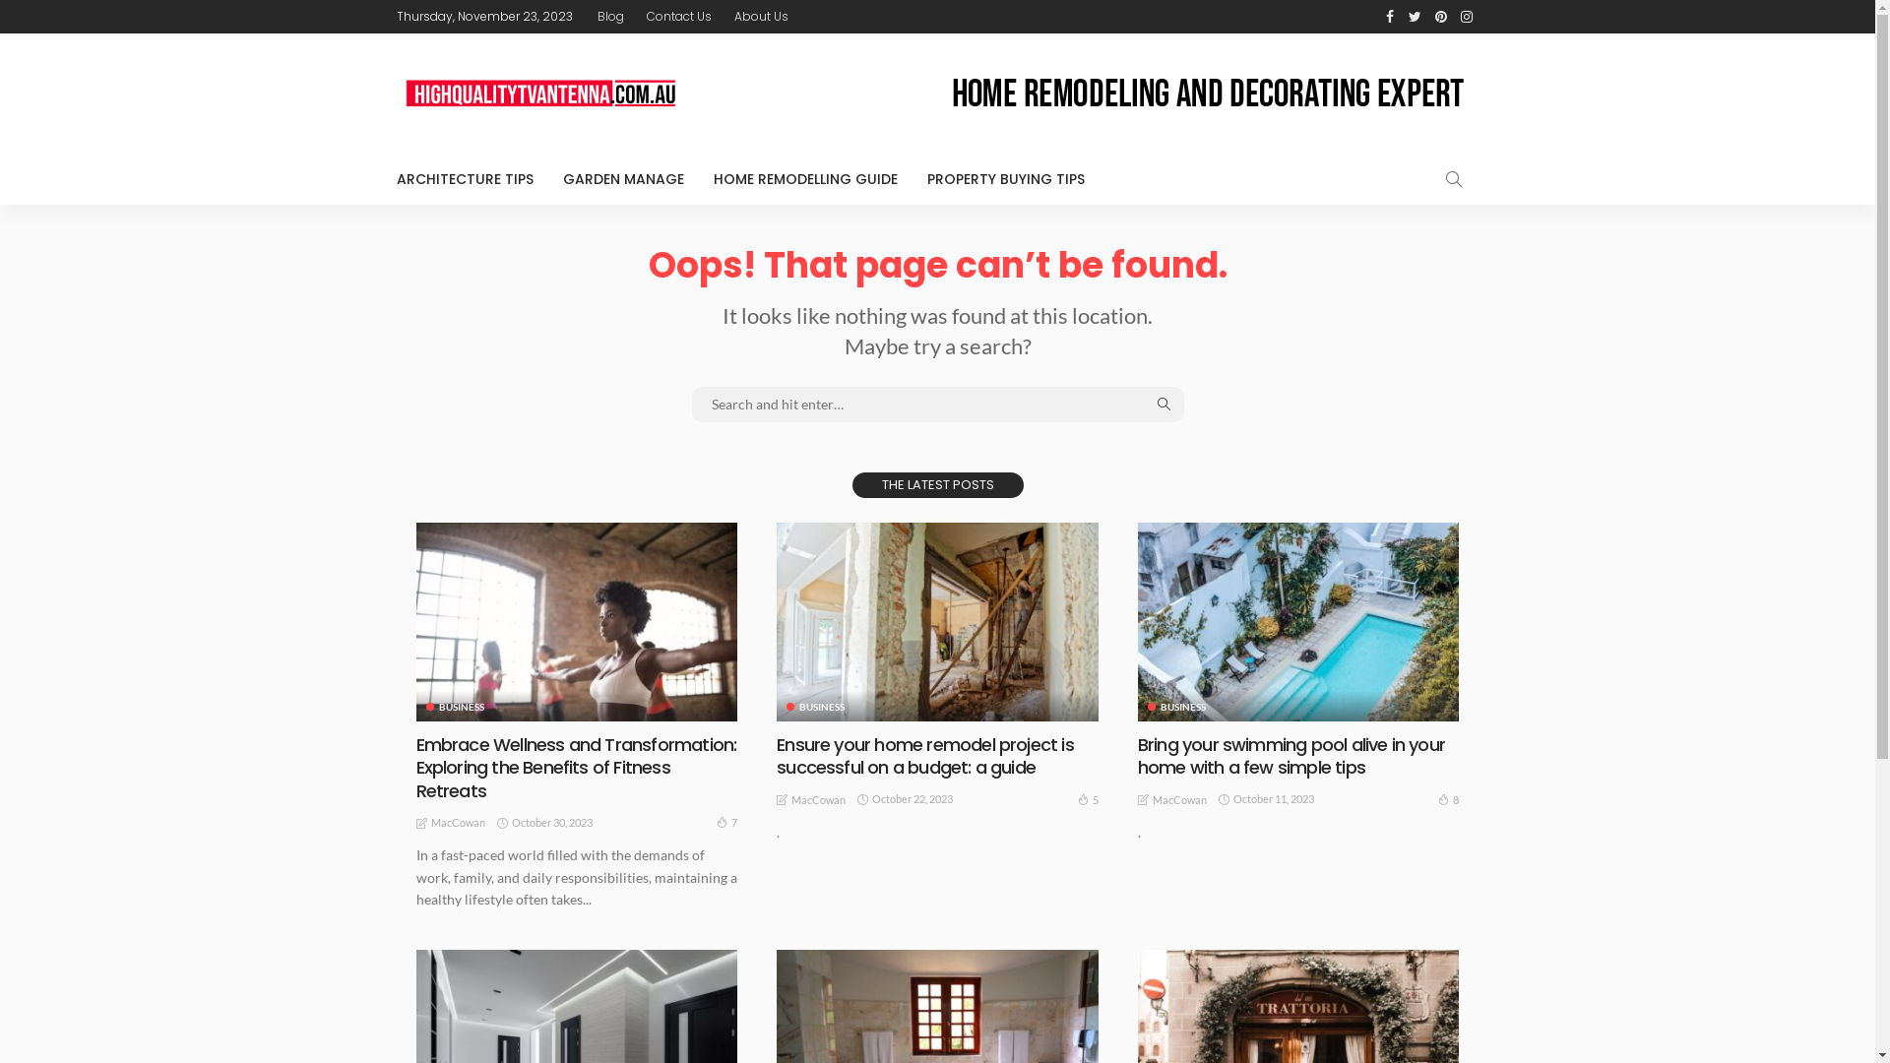 The width and height of the screenshot is (1890, 1063). I want to click on 'PROPERTY BUYING TIPS', so click(1005, 178).